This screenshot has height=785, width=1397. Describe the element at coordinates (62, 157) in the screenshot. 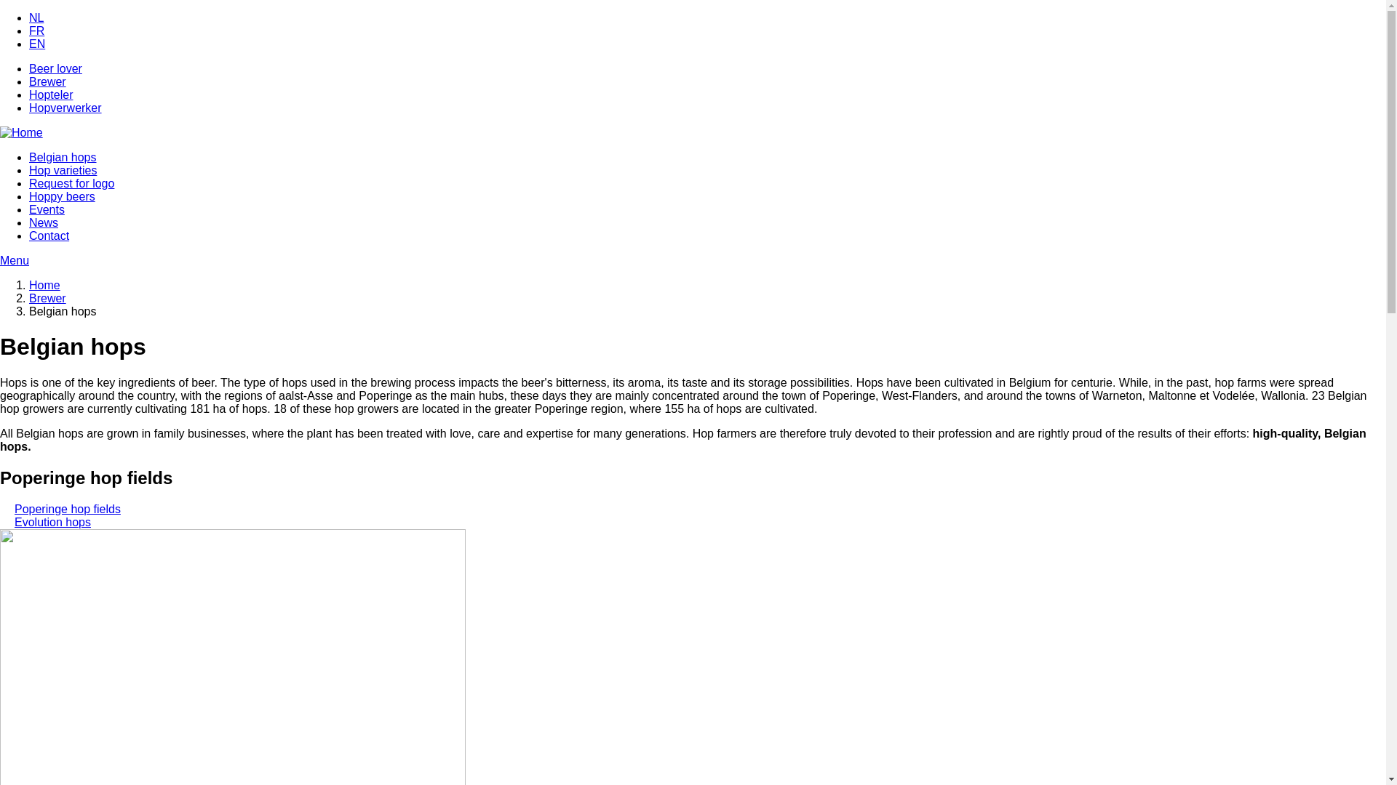

I see `'Belgian hops'` at that location.